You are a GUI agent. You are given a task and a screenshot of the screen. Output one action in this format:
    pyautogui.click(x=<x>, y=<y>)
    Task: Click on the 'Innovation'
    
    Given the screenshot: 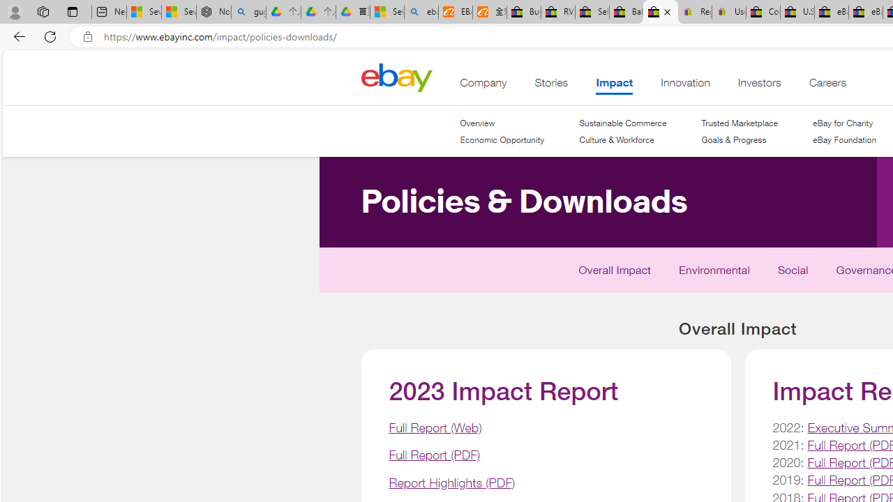 What is the action you would take?
    pyautogui.click(x=685, y=86)
    